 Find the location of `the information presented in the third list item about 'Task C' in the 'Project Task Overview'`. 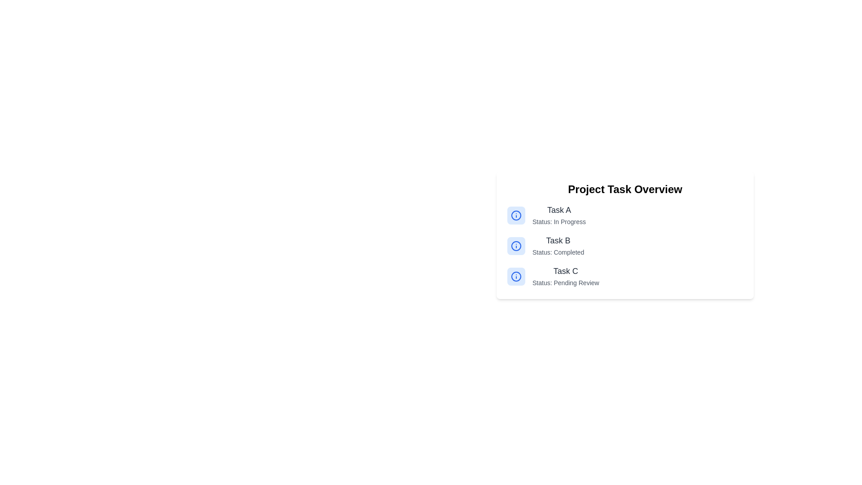

the information presented in the third list item about 'Task C' in the 'Project Task Overview' is located at coordinates (625, 276).